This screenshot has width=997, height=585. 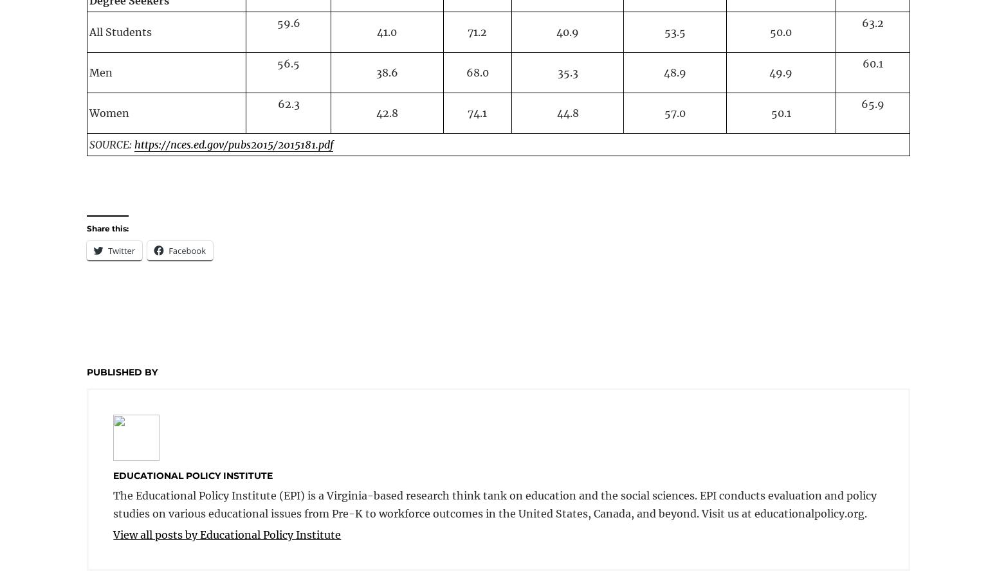 What do you see at coordinates (109, 112) in the screenshot?
I see `'Women'` at bounding box center [109, 112].